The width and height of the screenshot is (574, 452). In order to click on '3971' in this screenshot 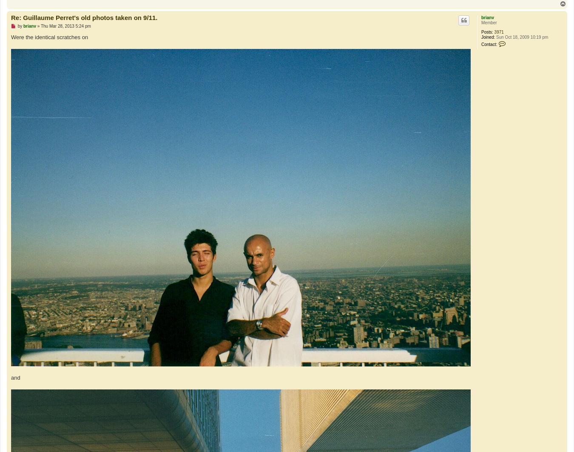, I will do `click(498, 31)`.